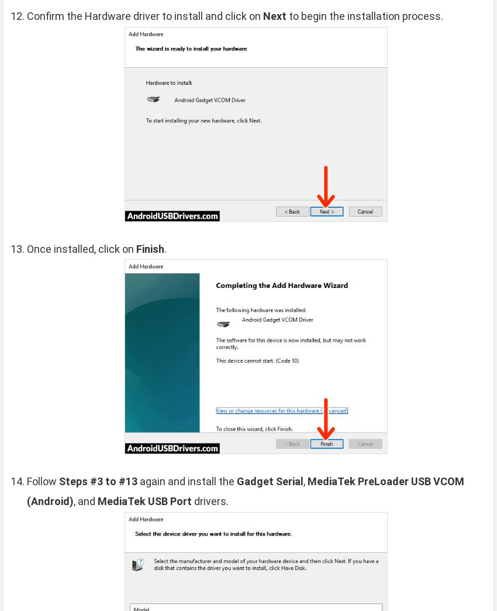 The width and height of the screenshot is (497, 611). What do you see at coordinates (98, 480) in the screenshot?
I see `'Steps #3 to #13'` at bounding box center [98, 480].